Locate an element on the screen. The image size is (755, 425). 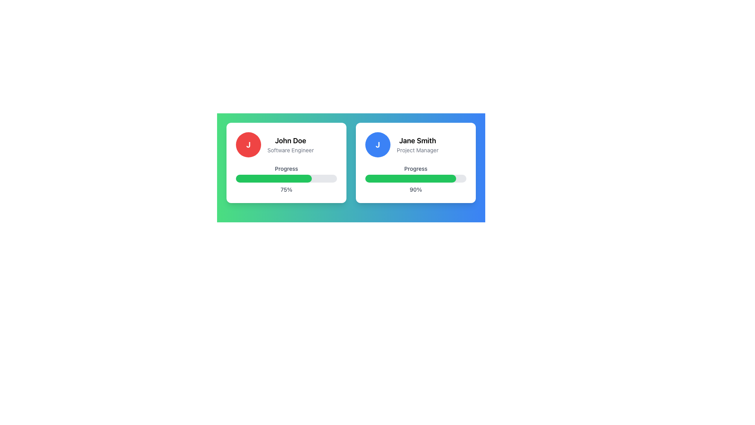
the avatar element representing a person with the initial 'J', located on the right side of the interface within the second card is located at coordinates (377, 144).